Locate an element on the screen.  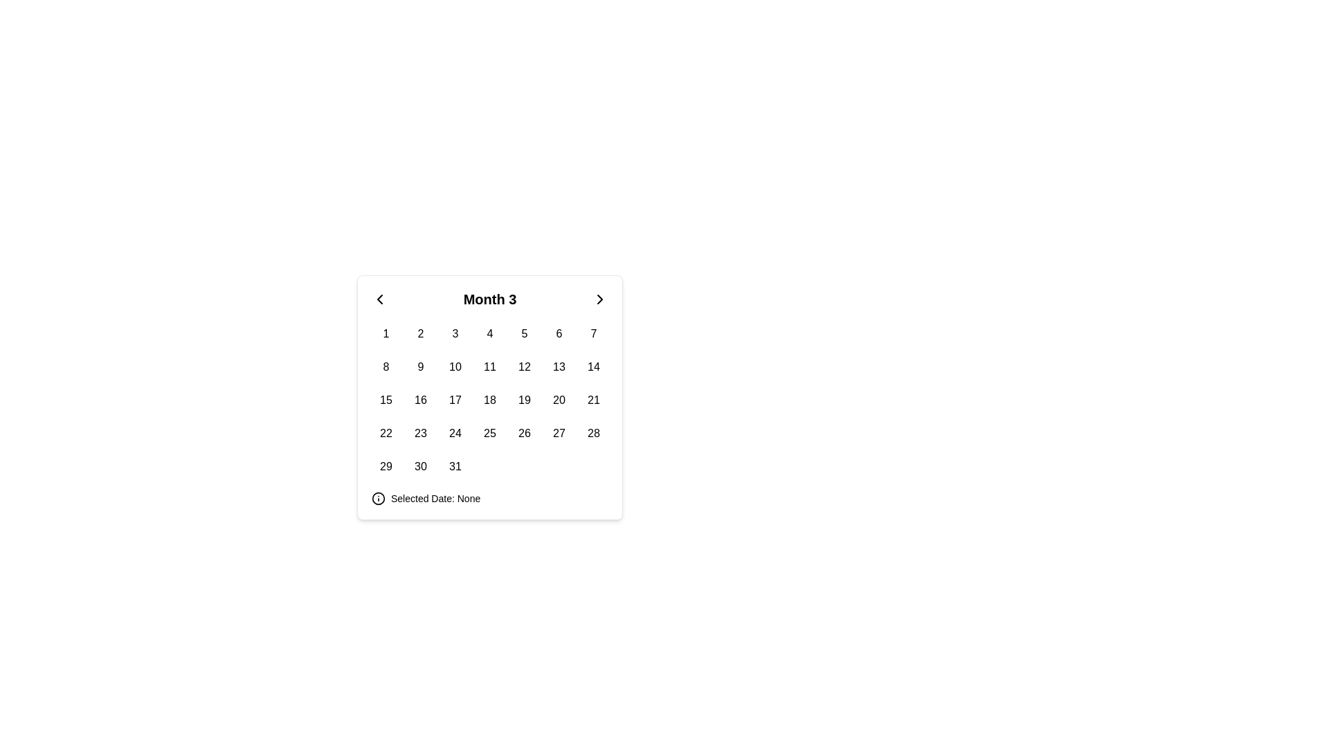
the Text Button representing the 18th day of the month in the calendar is located at coordinates (490, 400).